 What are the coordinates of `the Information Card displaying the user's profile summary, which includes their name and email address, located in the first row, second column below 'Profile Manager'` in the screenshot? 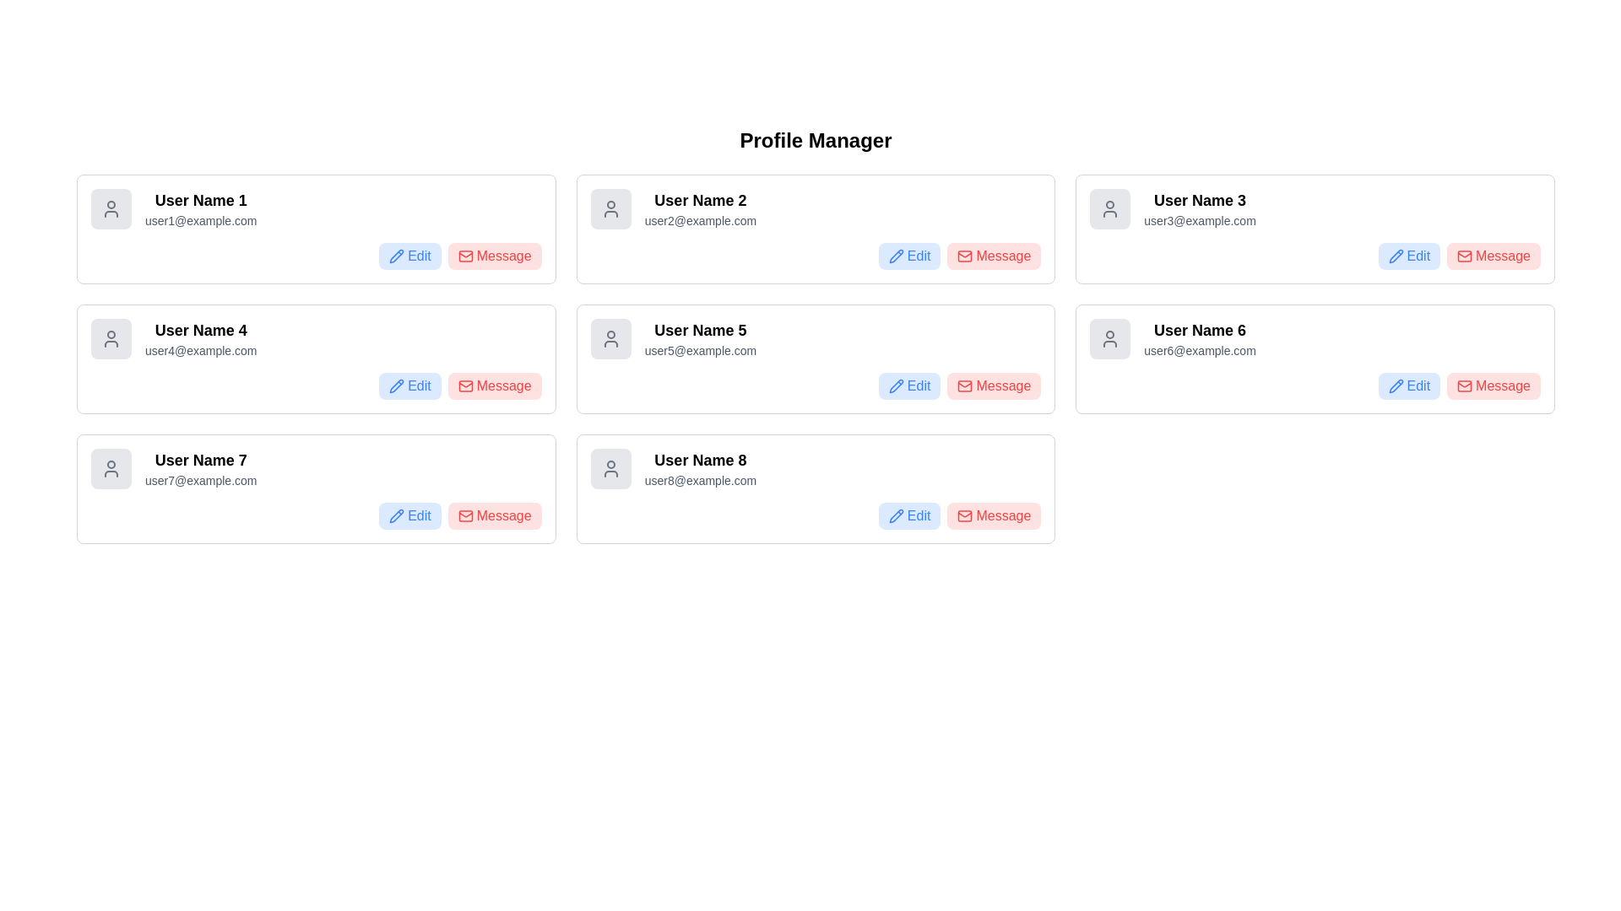 It's located at (816, 208).